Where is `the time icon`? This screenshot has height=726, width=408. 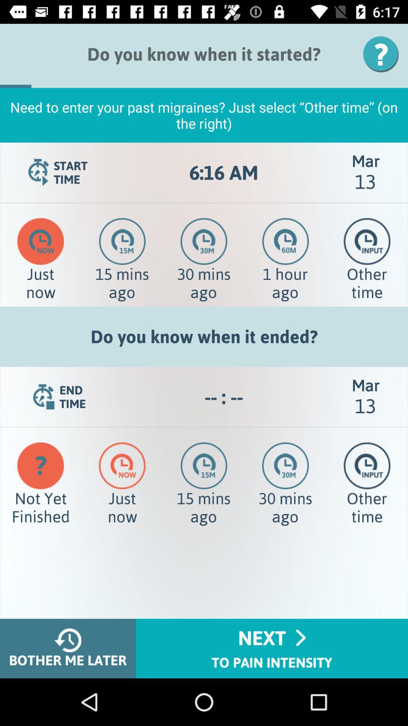
the time icon is located at coordinates (285, 465).